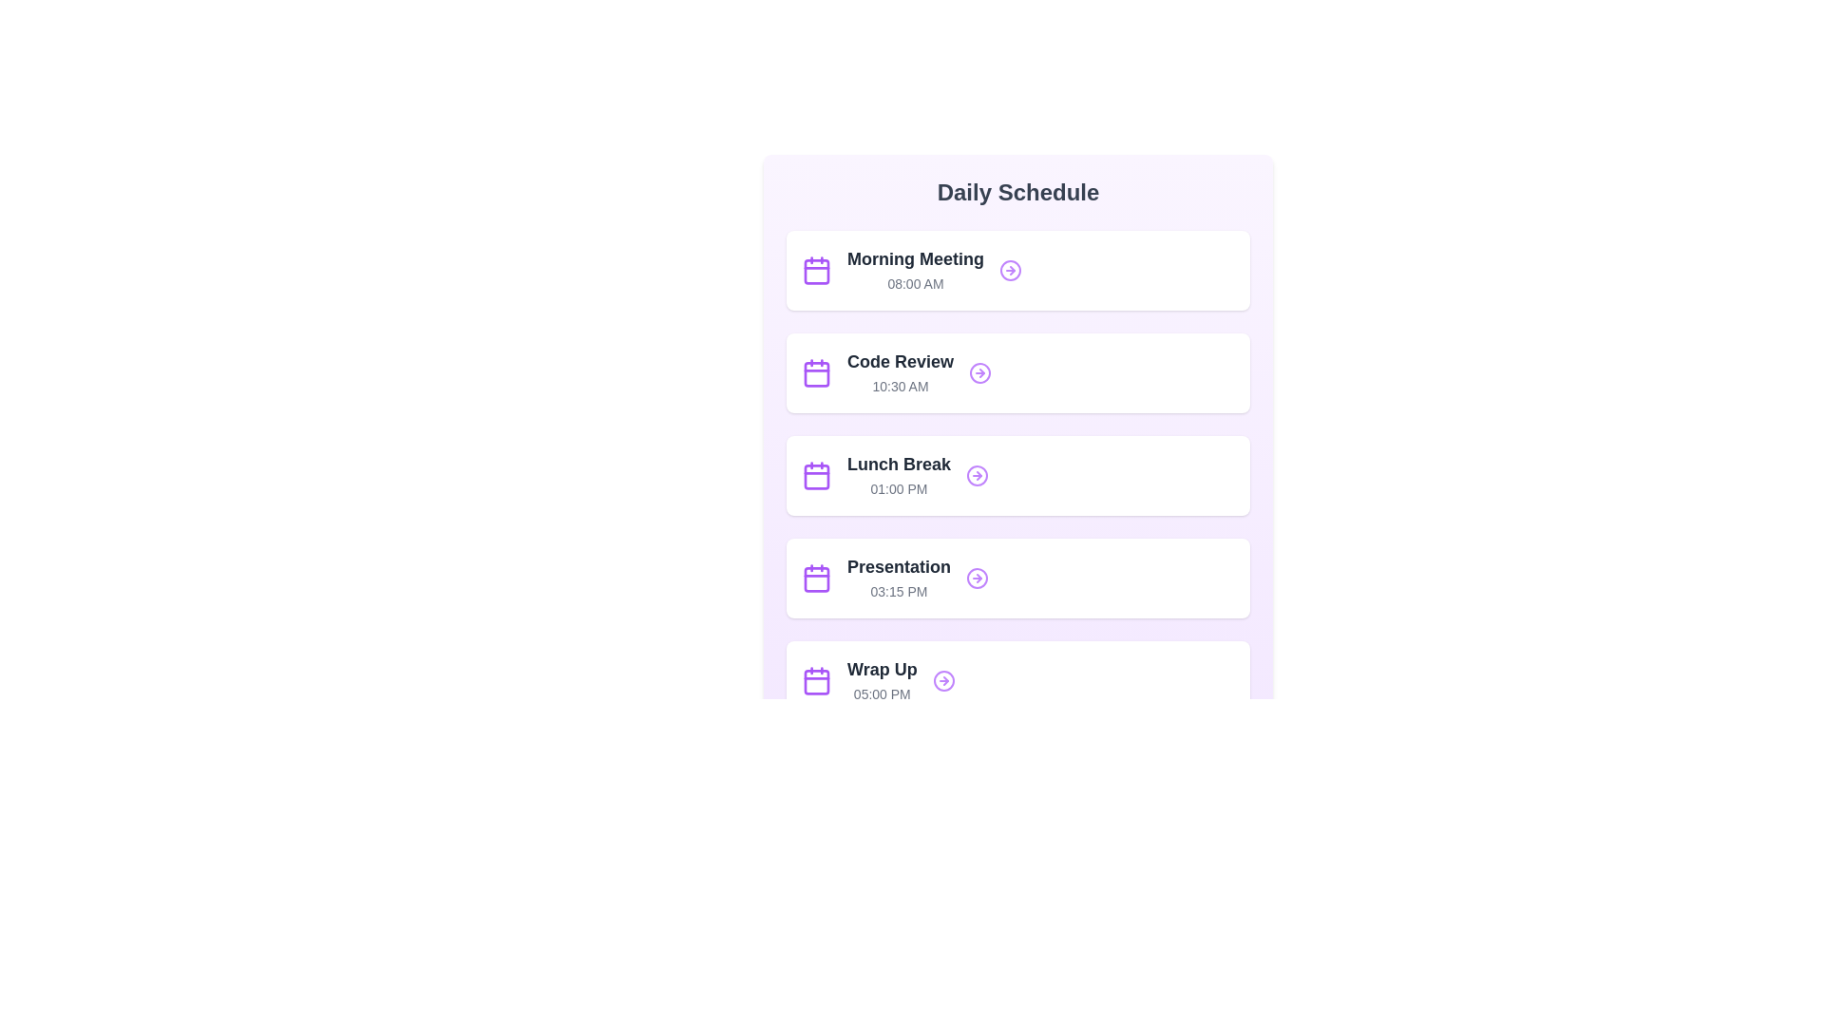 Image resolution: width=1824 pixels, height=1026 pixels. Describe the element at coordinates (1010, 271) in the screenshot. I see `the decorative graphic circle that is part of the navigation icons for the 'Morning Meeting' schedule item` at that location.